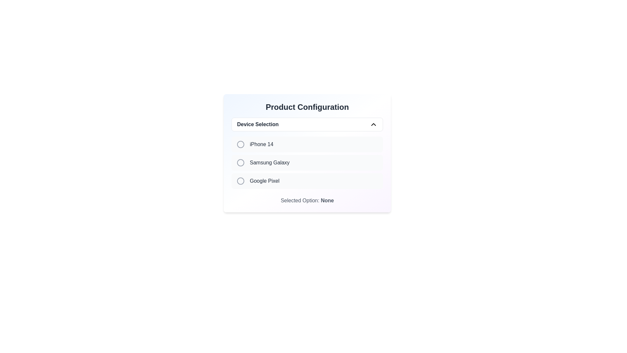  I want to click on the upward-pointing chevron icon located on the right side of the 'Device Selection' button, so click(373, 125).